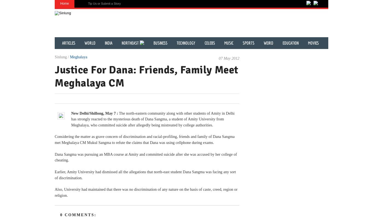  Describe the element at coordinates (144, 139) in the screenshot. I see `'Considering the matter as grave concern of 
discrimination and racial-profiling, friends and family of Dana Sangma 
met Meghalaya CM Mukul Sangma to refute the claims that Dana was using 
cellphone during exams.'` at that location.